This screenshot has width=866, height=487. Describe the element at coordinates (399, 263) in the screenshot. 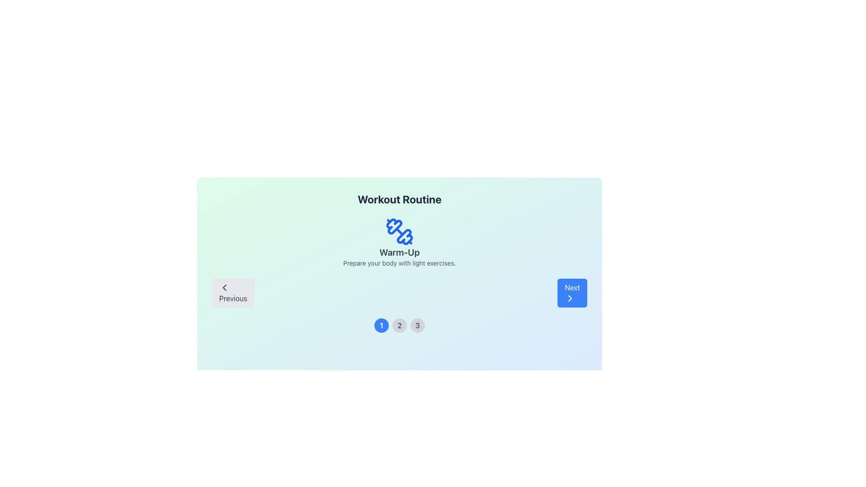

I see `the informational text located directly beneath the 'Warm-Up' heading` at that location.